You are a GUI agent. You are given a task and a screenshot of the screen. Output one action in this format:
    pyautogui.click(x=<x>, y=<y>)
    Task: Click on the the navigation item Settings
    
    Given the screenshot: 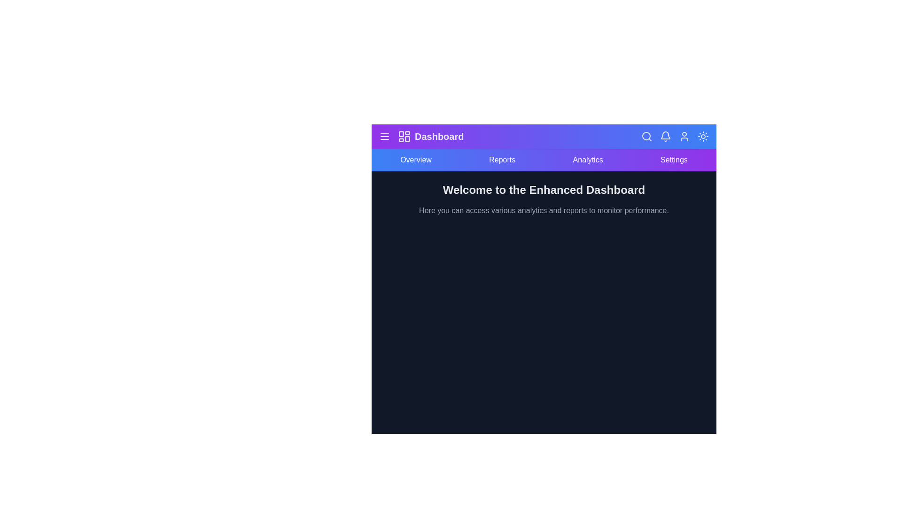 What is the action you would take?
    pyautogui.click(x=673, y=159)
    